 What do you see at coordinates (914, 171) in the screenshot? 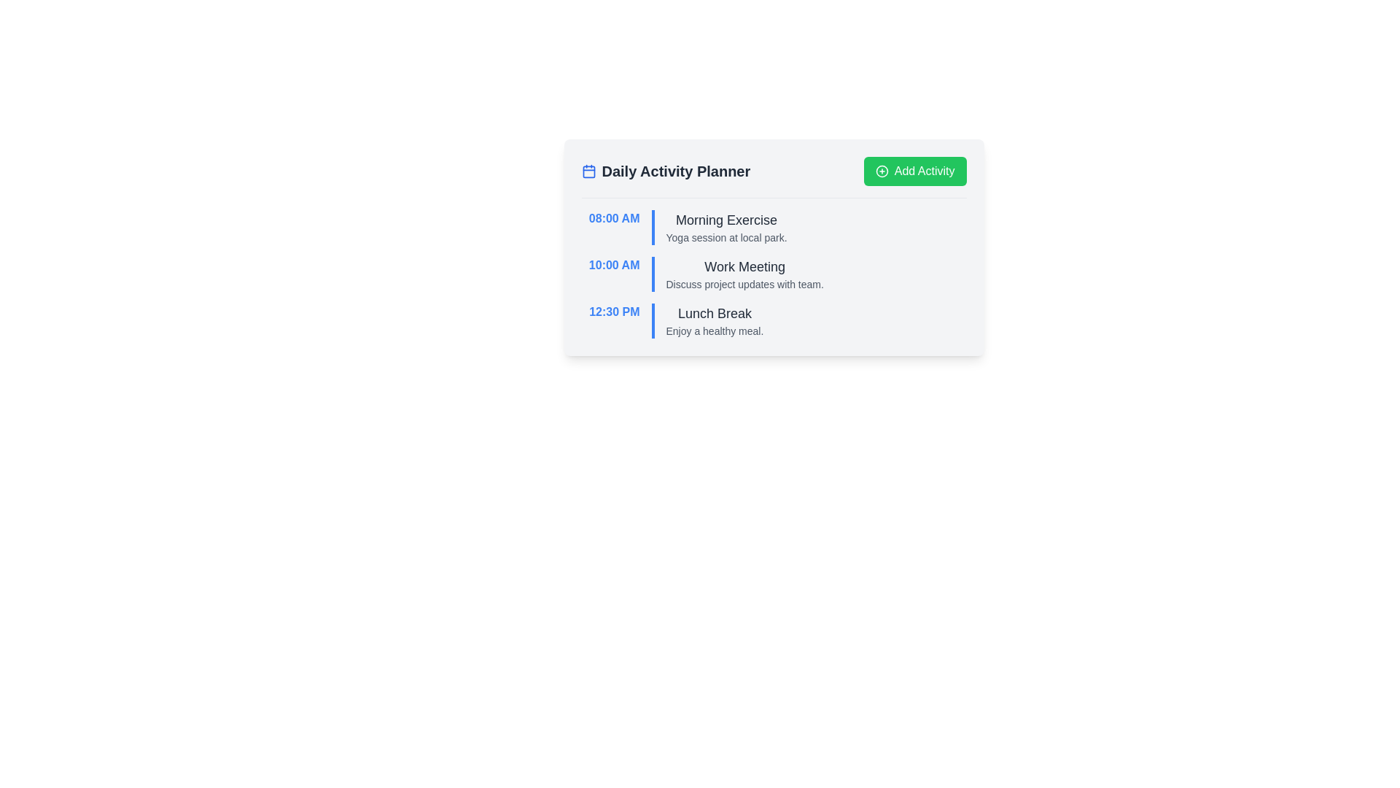
I see `the green button labeled 'Add Activity' with a plus icon` at bounding box center [914, 171].